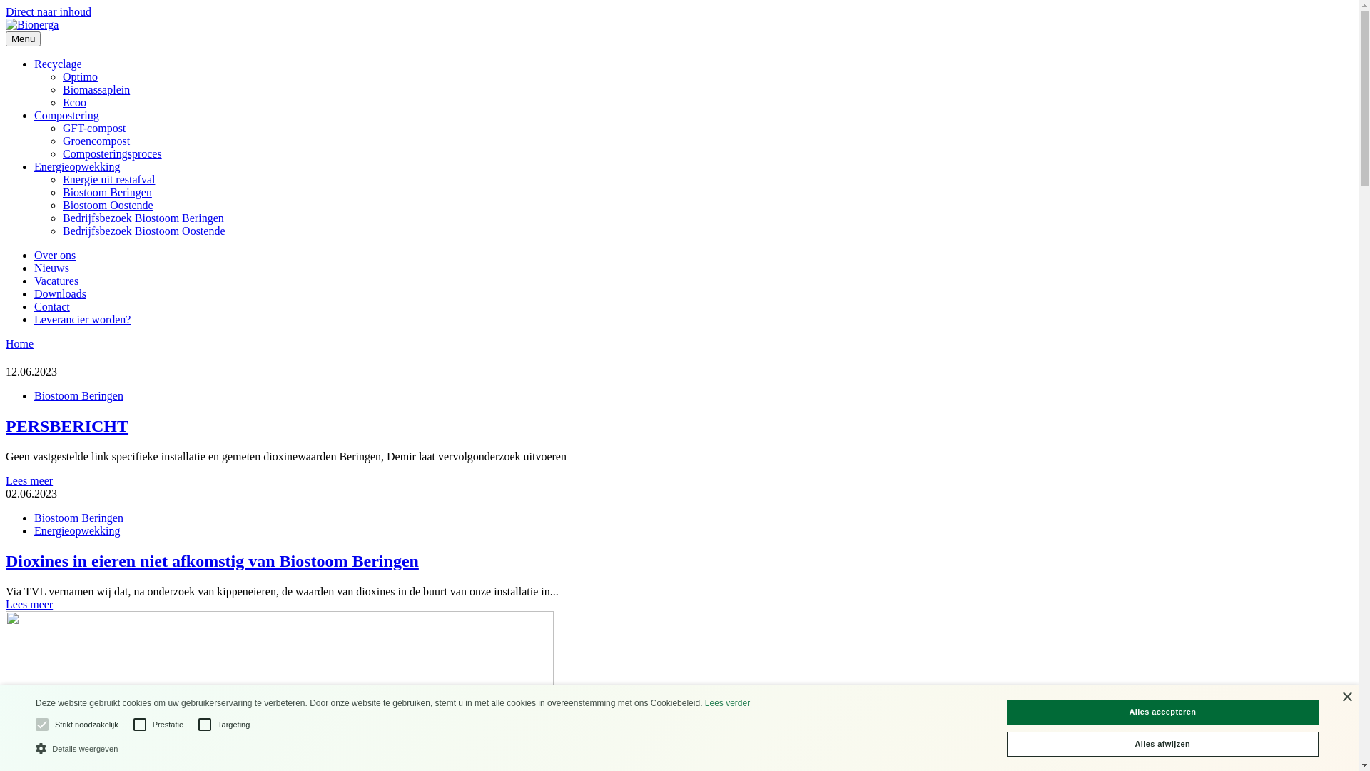 This screenshot has width=1370, height=771. I want to click on 'Biomassaplein', so click(95, 89).